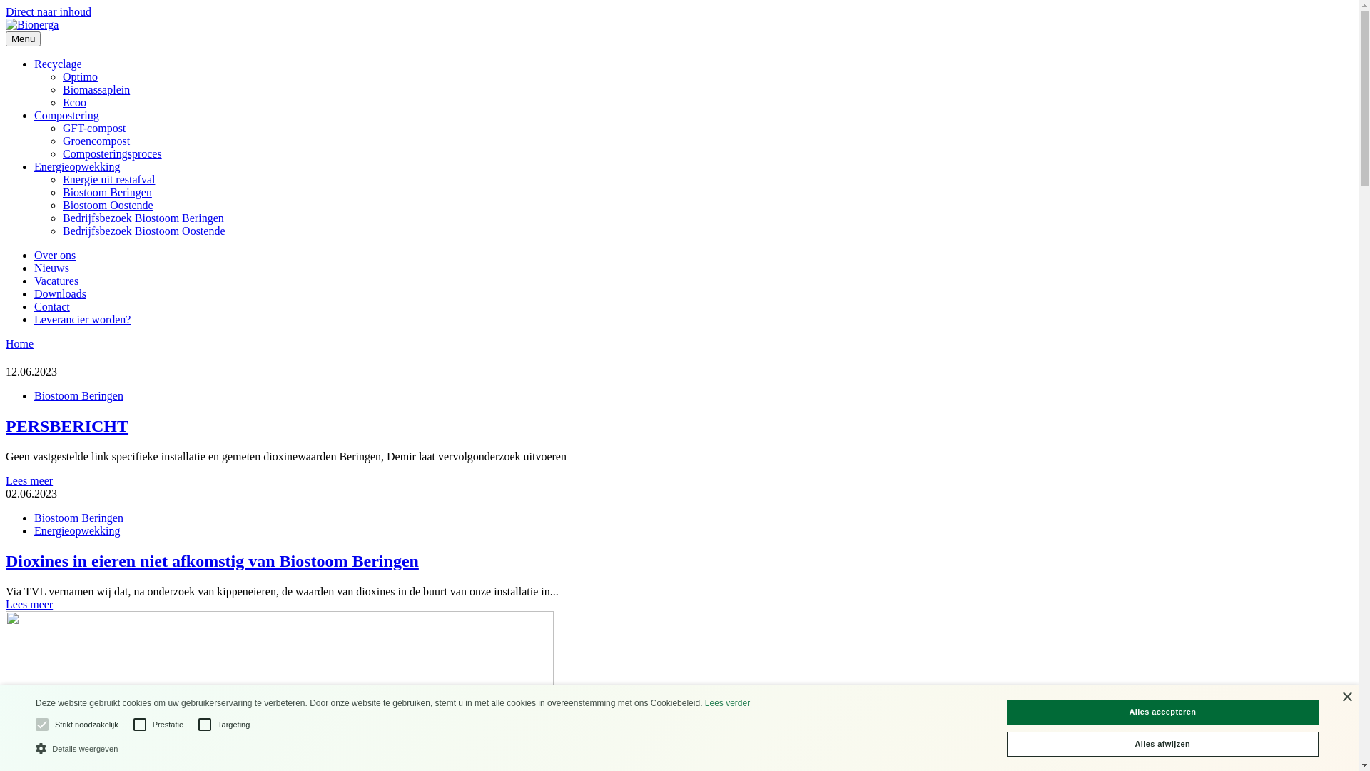 This screenshot has width=1370, height=771. I want to click on 'Biomassaplein', so click(95, 89).